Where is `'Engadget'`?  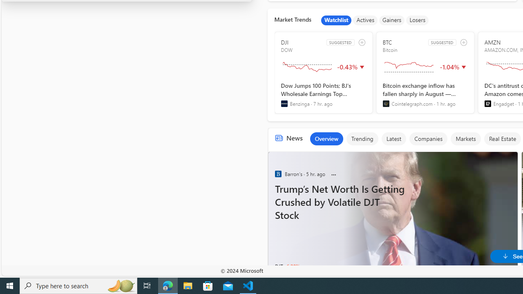 'Engadget' is located at coordinates (487, 103).